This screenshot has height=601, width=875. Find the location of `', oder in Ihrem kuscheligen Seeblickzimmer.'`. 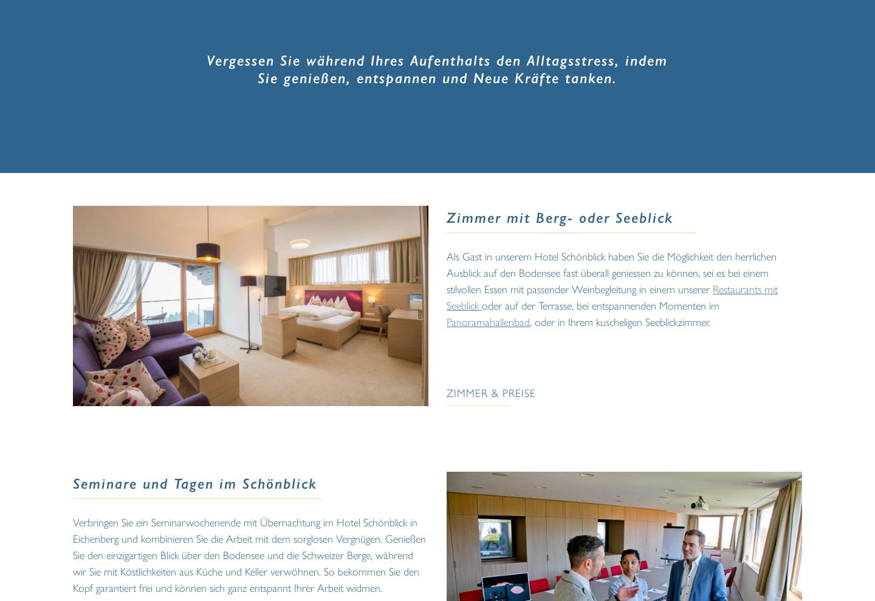

', oder in Ihrem kuscheligen Seeblickzimmer.' is located at coordinates (619, 321).